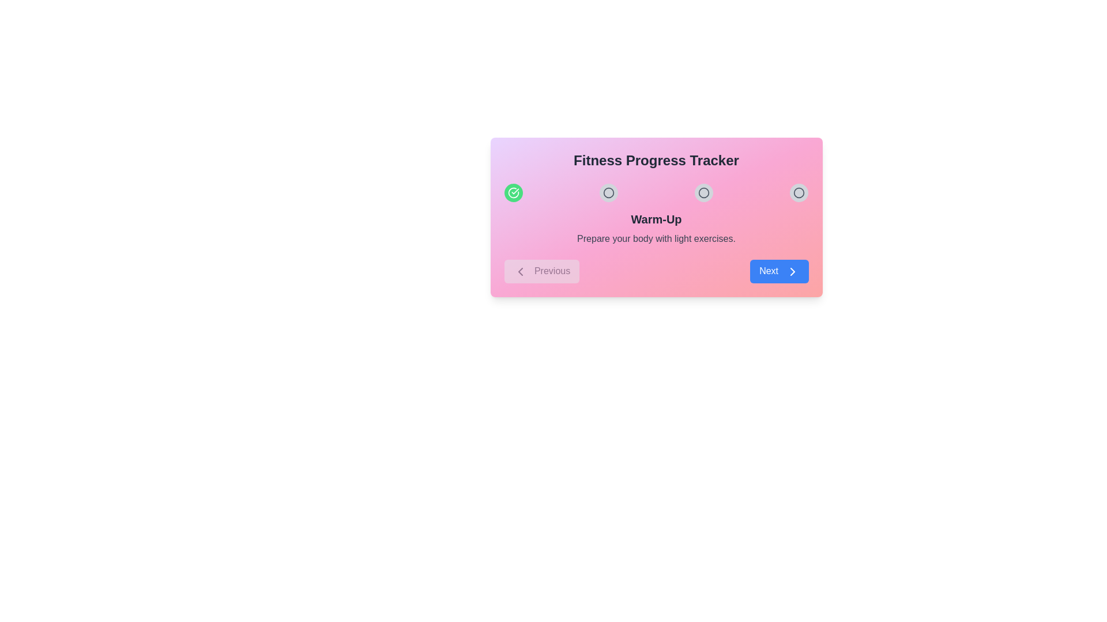  Describe the element at coordinates (656, 238) in the screenshot. I see `the contextual information text element related to the 'Warm-Up' activity, positioned under the 'Warm-Up' heading` at that location.